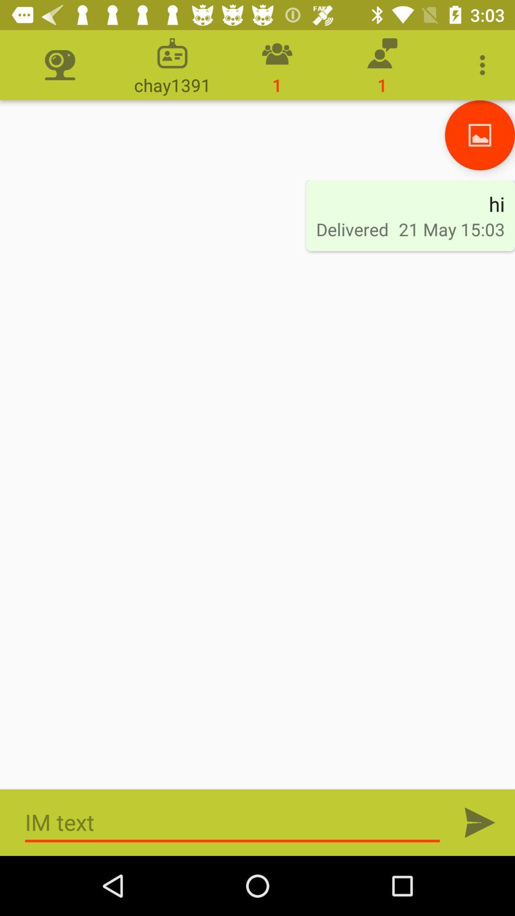  Describe the element at coordinates (480, 822) in the screenshot. I see `send` at that location.